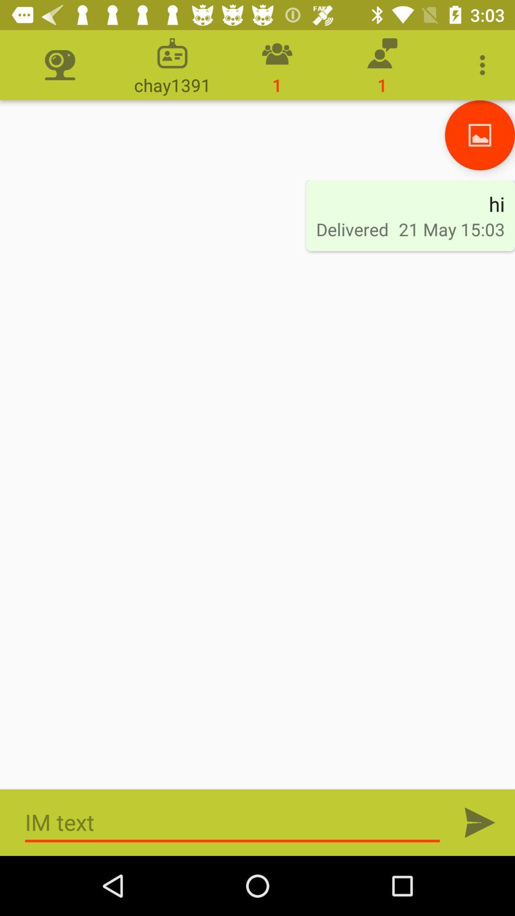  Describe the element at coordinates (480, 822) in the screenshot. I see `send` at that location.